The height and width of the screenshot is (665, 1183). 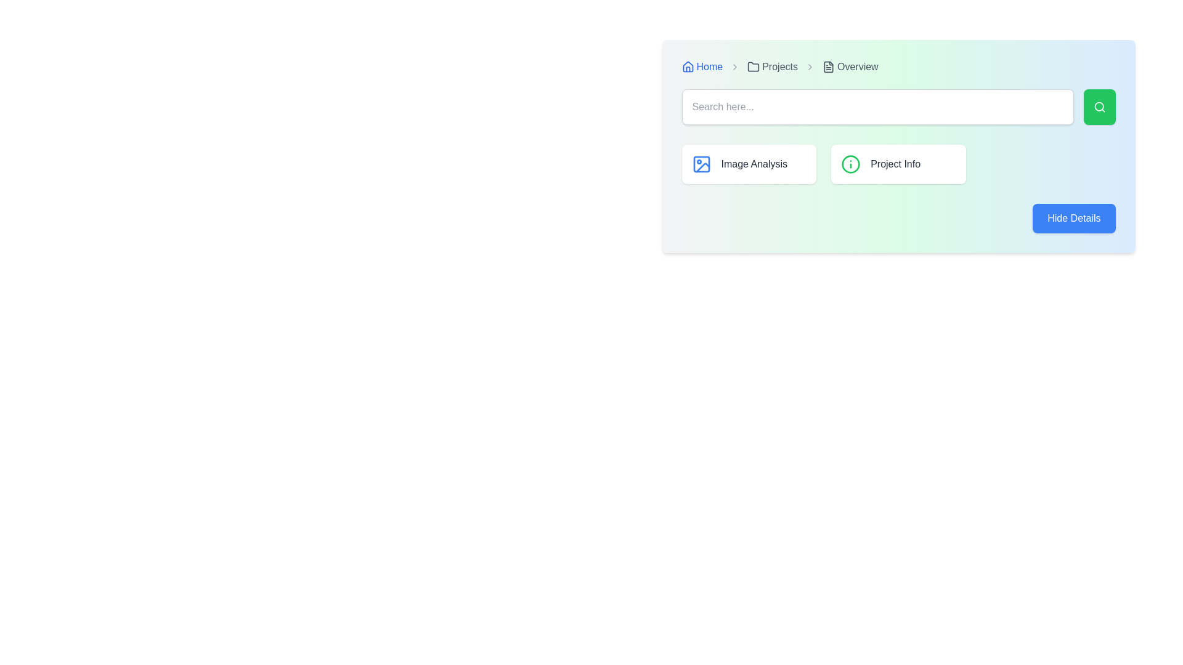 I want to click on the small right-pointing chevron icon styled as an arrow, which is located between the 'Projects' label and the 'Overview' label in the breadcrumb navigation, so click(x=810, y=66).